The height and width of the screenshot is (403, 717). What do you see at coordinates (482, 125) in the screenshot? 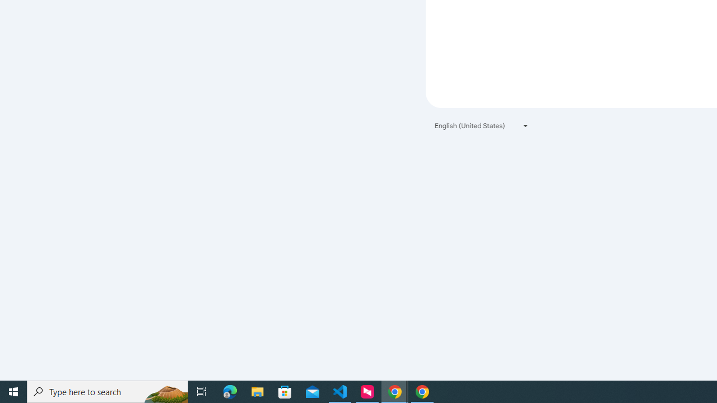
I see `'English (United States)'` at bounding box center [482, 125].